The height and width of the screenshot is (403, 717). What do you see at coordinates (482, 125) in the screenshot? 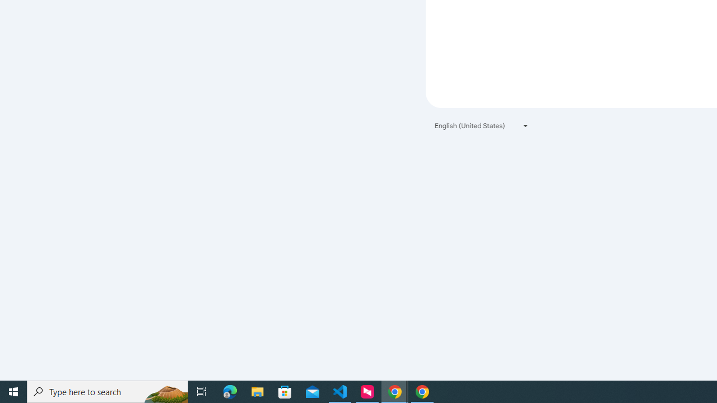
I see `'English (United States)'` at bounding box center [482, 125].